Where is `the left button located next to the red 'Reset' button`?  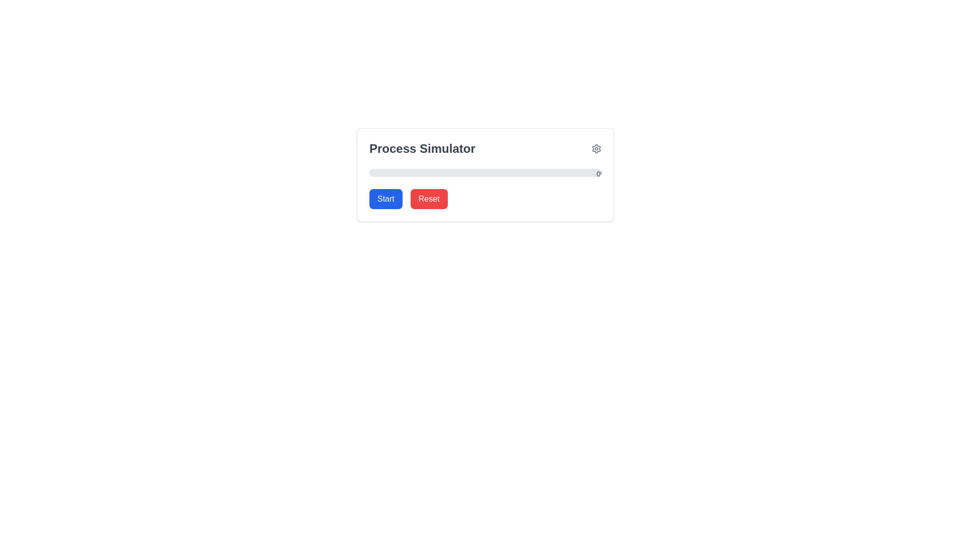
the left button located next to the red 'Reset' button is located at coordinates (385, 199).